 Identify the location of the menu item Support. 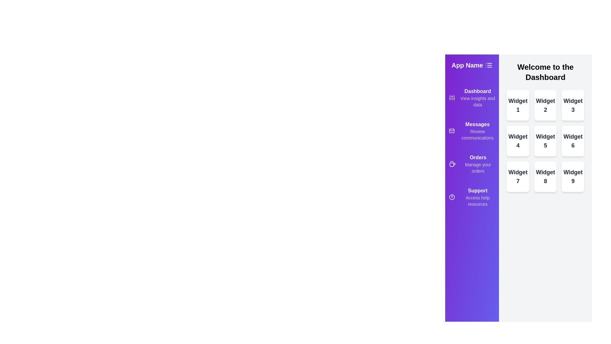
(472, 197).